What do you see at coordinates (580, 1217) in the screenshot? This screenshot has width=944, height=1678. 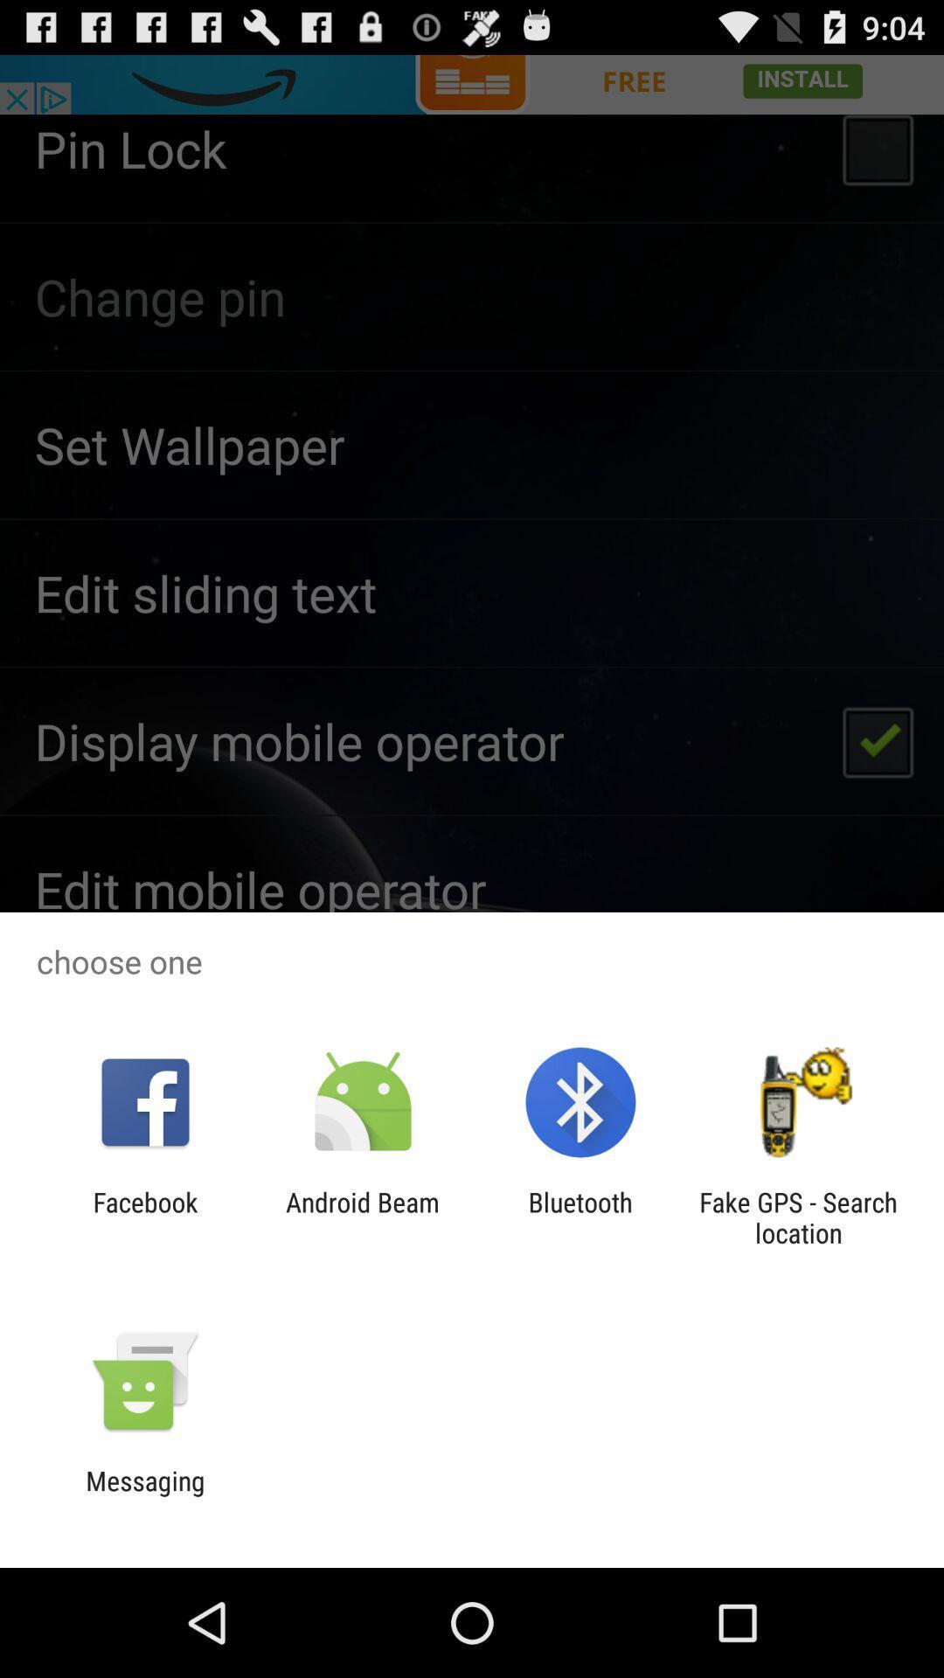 I see `the bluetooth` at bounding box center [580, 1217].